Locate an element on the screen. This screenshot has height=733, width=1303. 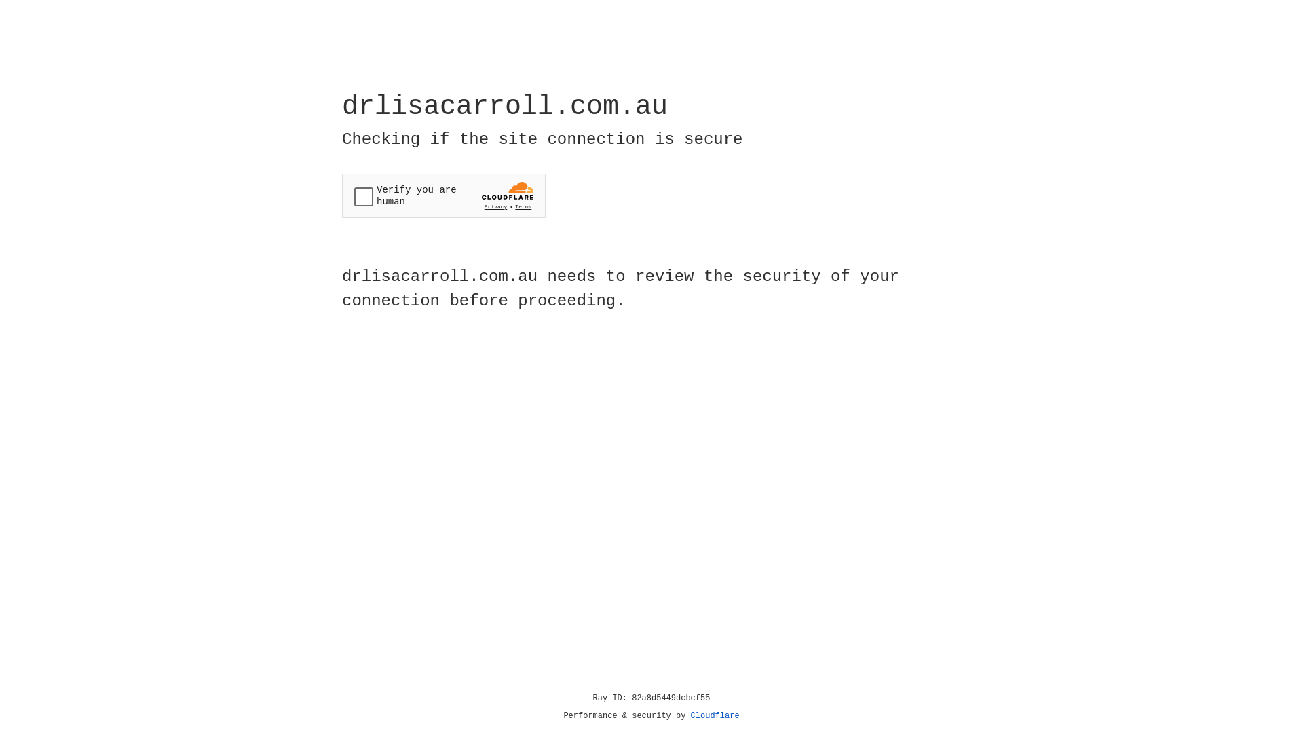
'Widget containing a Cloudflare security challenge' is located at coordinates (443, 195).